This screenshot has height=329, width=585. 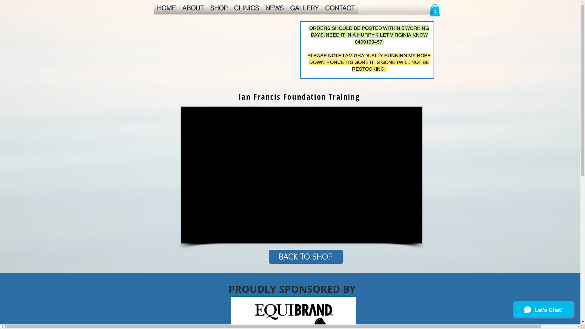 What do you see at coordinates (301, 175) in the screenshot?
I see `'External YouTube'` at bounding box center [301, 175].